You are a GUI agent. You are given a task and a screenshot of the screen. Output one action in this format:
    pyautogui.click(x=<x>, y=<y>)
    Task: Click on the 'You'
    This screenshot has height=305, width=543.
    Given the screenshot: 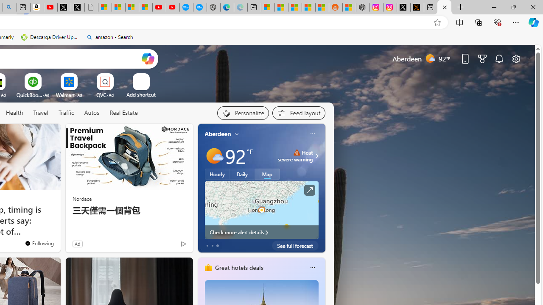 What is the action you would take?
    pyautogui.click(x=39, y=243)
    